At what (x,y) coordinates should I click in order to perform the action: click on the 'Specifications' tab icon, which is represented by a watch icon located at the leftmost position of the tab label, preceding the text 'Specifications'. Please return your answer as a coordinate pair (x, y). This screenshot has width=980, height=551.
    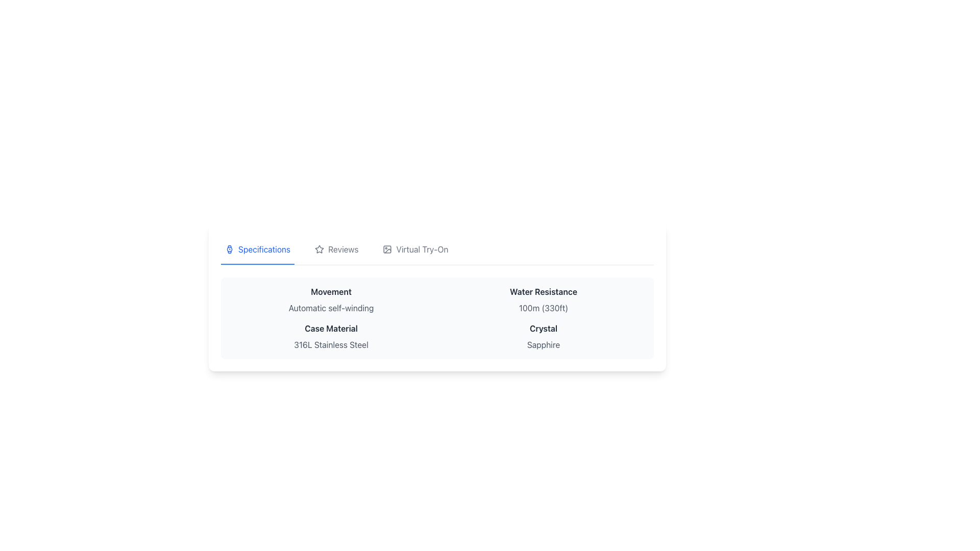
    Looking at the image, I should click on (229, 249).